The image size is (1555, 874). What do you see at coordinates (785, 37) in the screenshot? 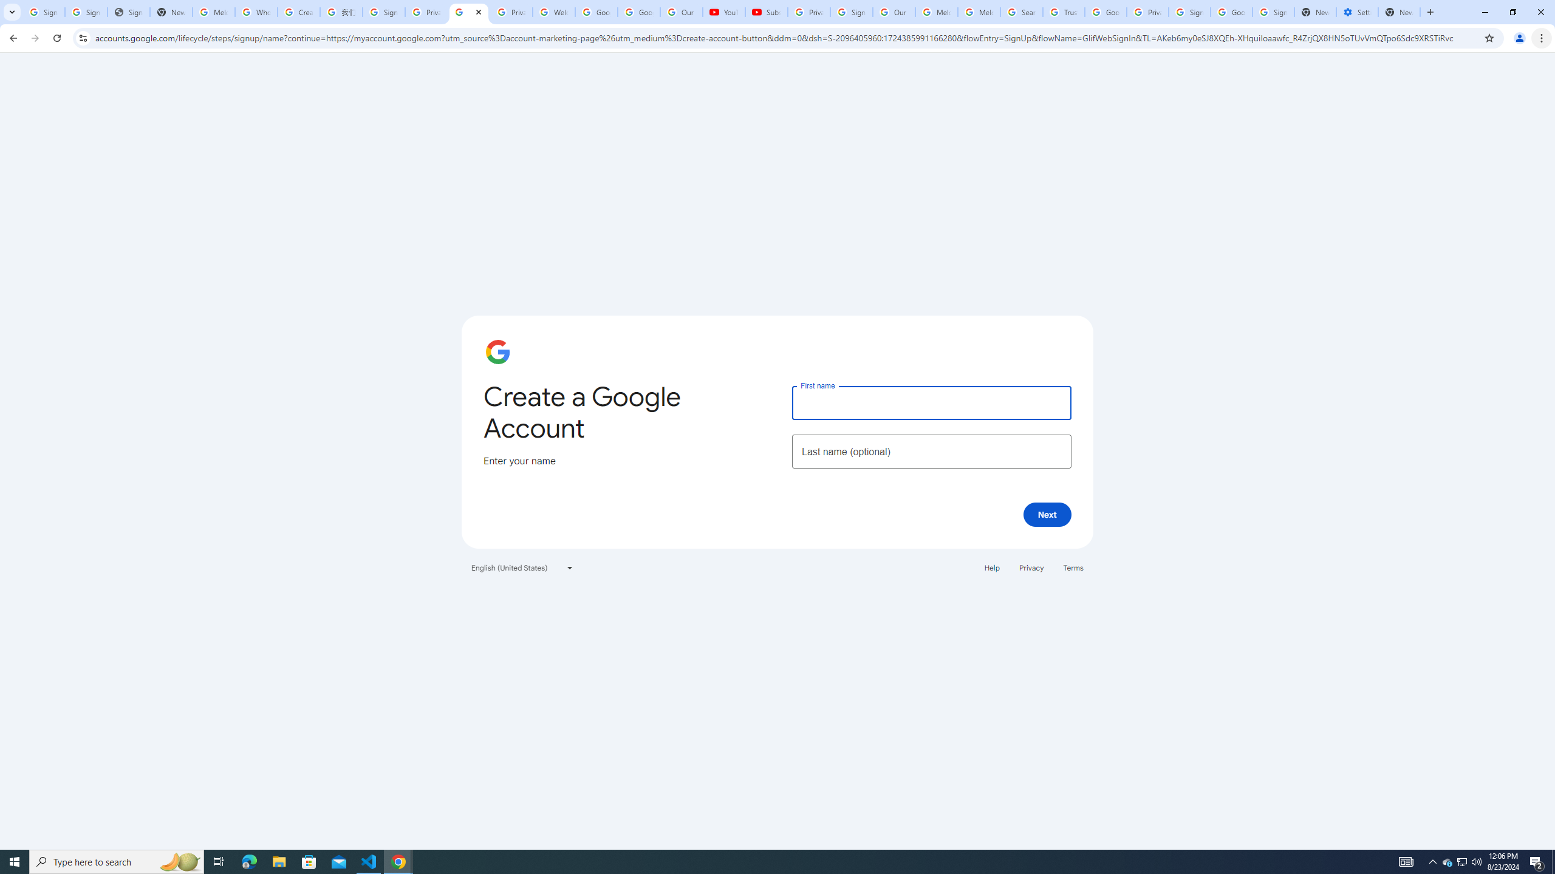
I see `'Address and search bar'` at bounding box center [785, 37].